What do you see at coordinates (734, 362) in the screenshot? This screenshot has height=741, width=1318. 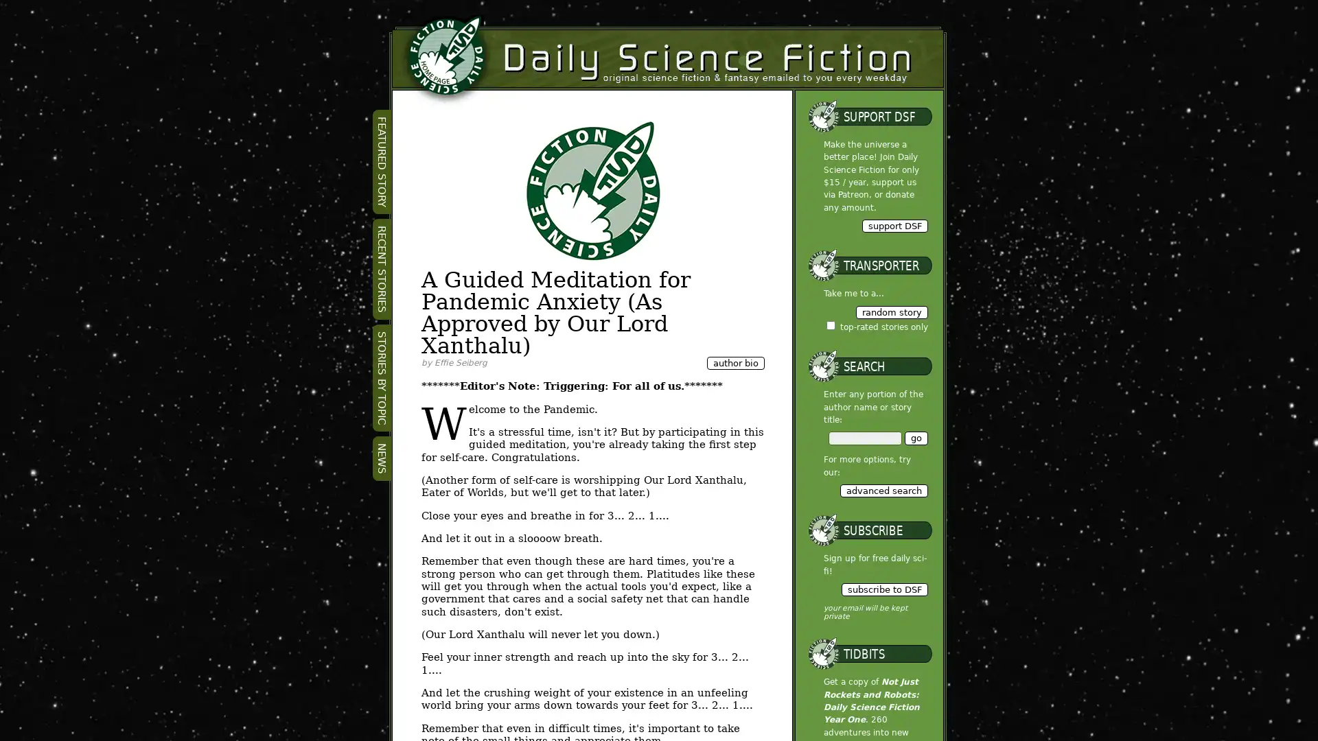 I see `author bio` at bounding box center [734, 362].